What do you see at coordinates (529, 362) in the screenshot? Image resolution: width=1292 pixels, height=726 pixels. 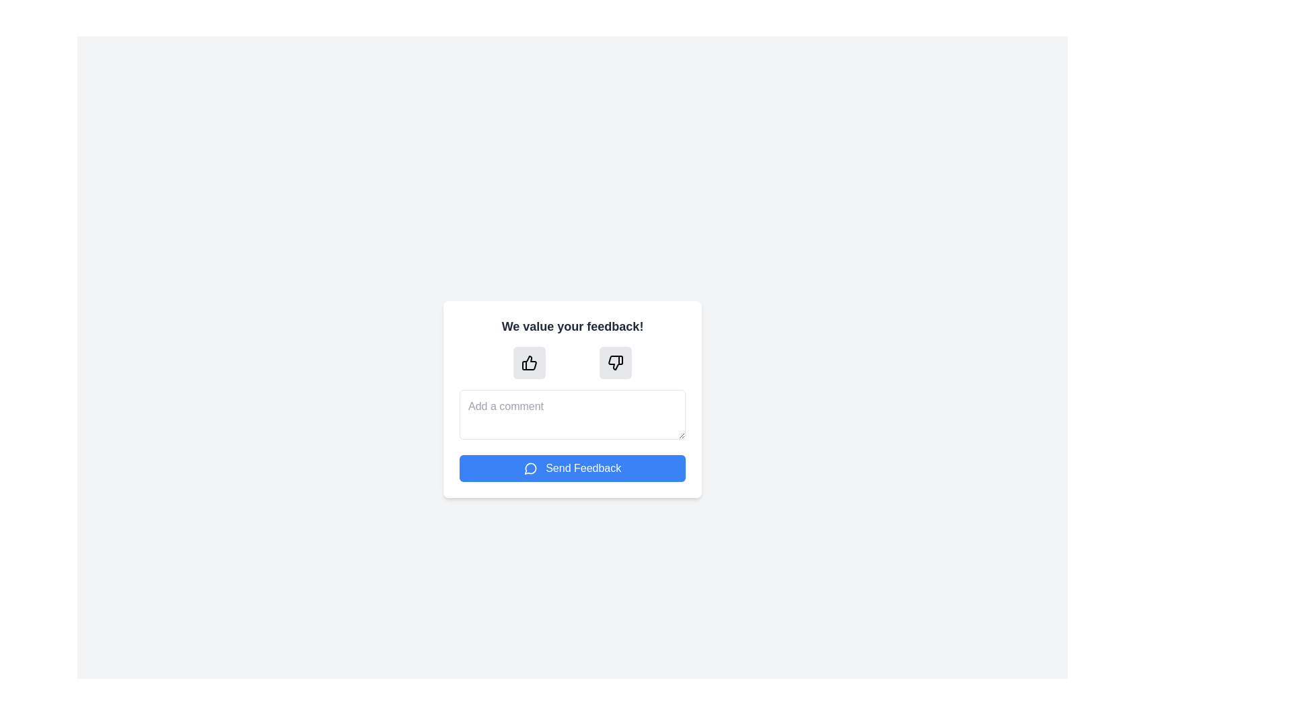 I see `the positive feedback icon located in the central part of the modal dialog` at bounding box center [529, 362].